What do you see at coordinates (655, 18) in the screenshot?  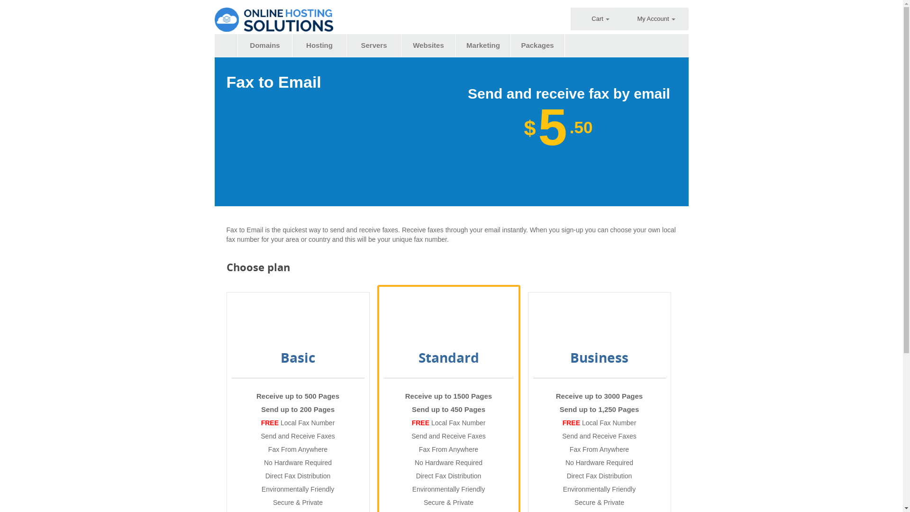 I see `'My Account'` at bounding box center [655, 18].